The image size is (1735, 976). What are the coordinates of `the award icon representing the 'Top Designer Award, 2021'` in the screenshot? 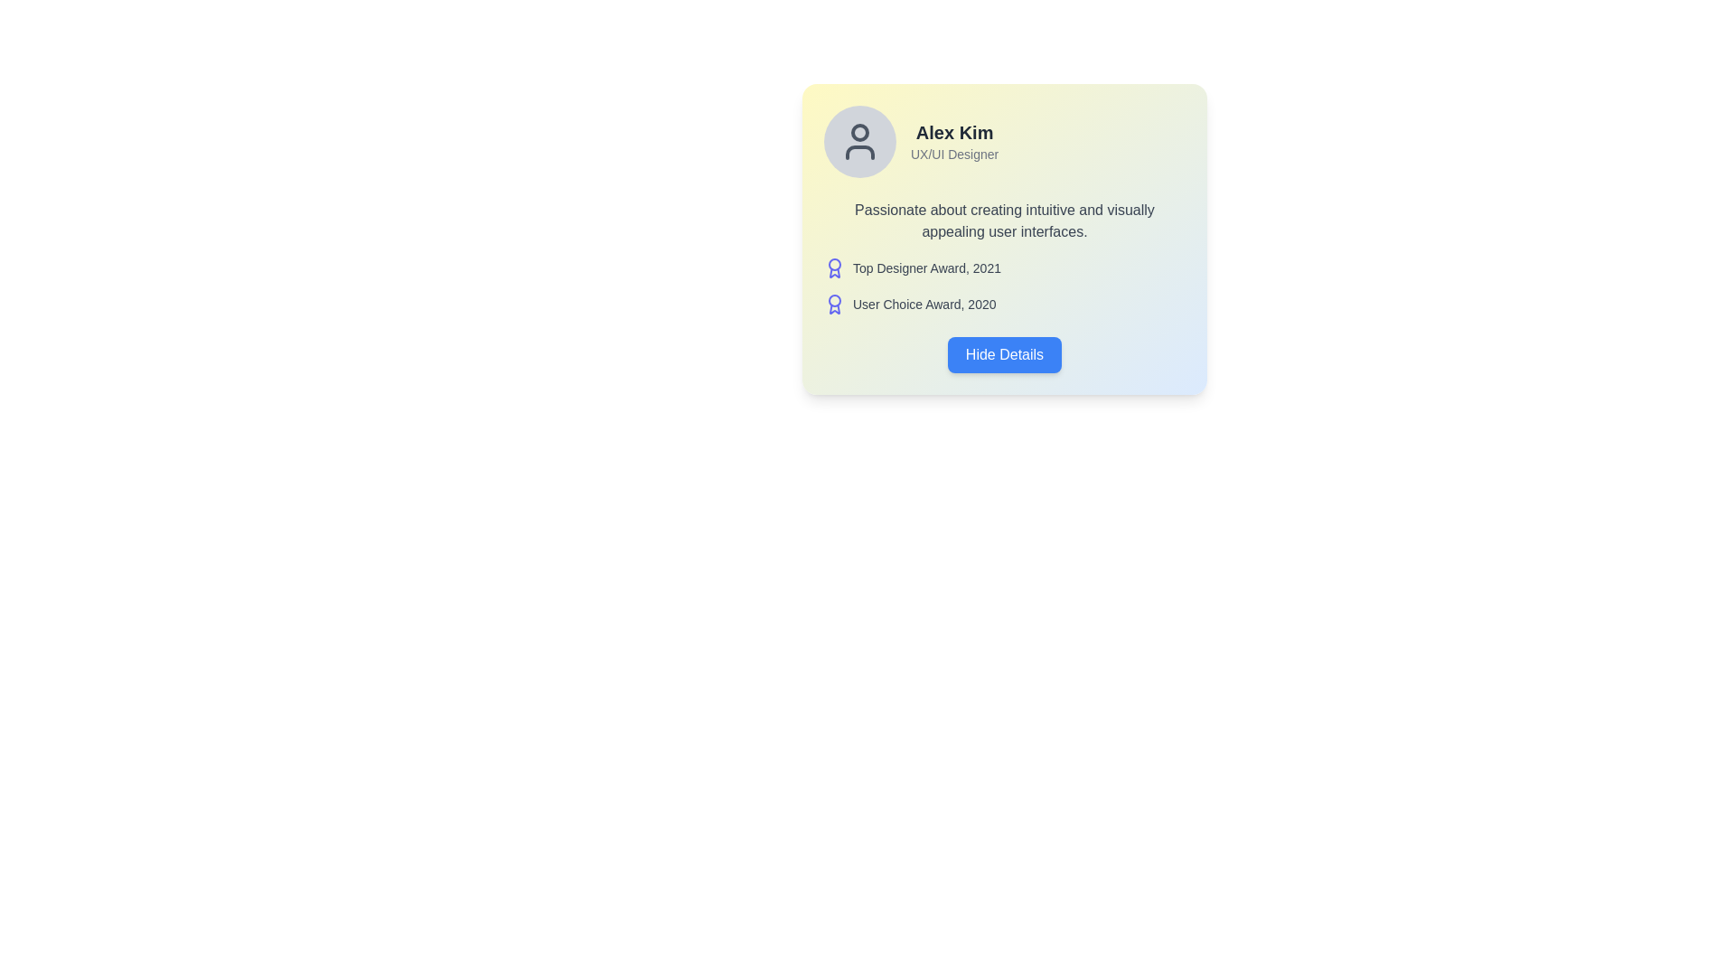 It's located at (834, 268).